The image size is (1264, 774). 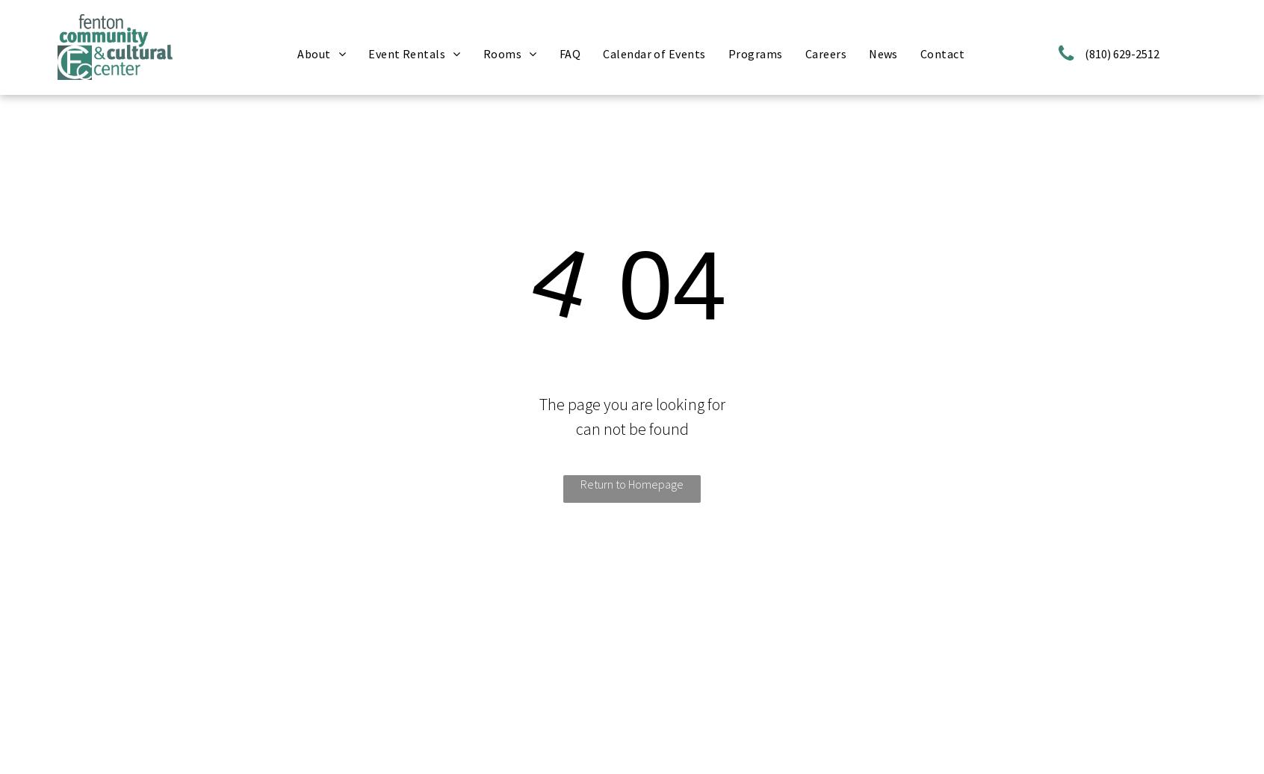 I want to click on 'Event Rentals', so click(x=368, y=52).